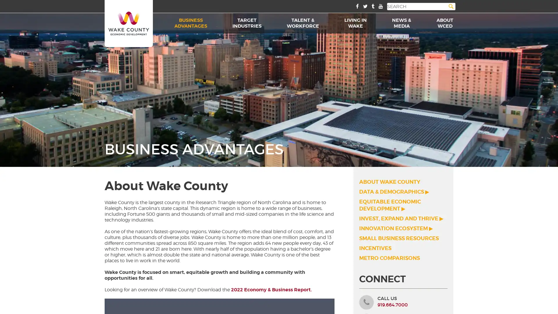 Image resolution: width=558 pixels, height=314 pixels. Describe the element at coordinates (450, 6) in the screenshot. I see `Search` at that location.